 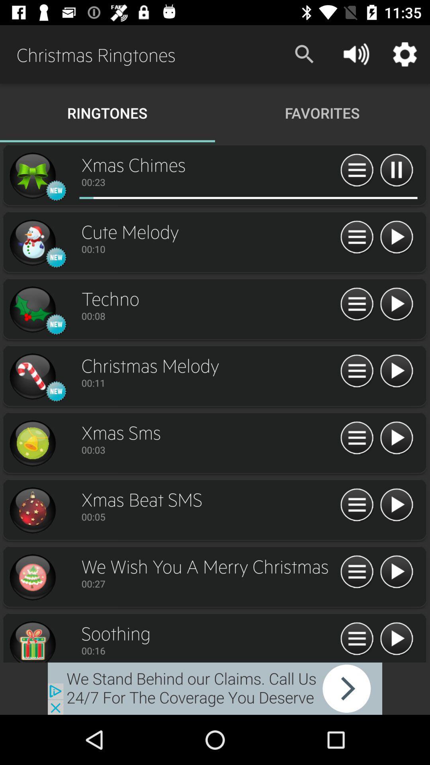 What do you see at coordinates (356, 371) in the screenshot?
I see `see features` at bounding box center [356, 371].